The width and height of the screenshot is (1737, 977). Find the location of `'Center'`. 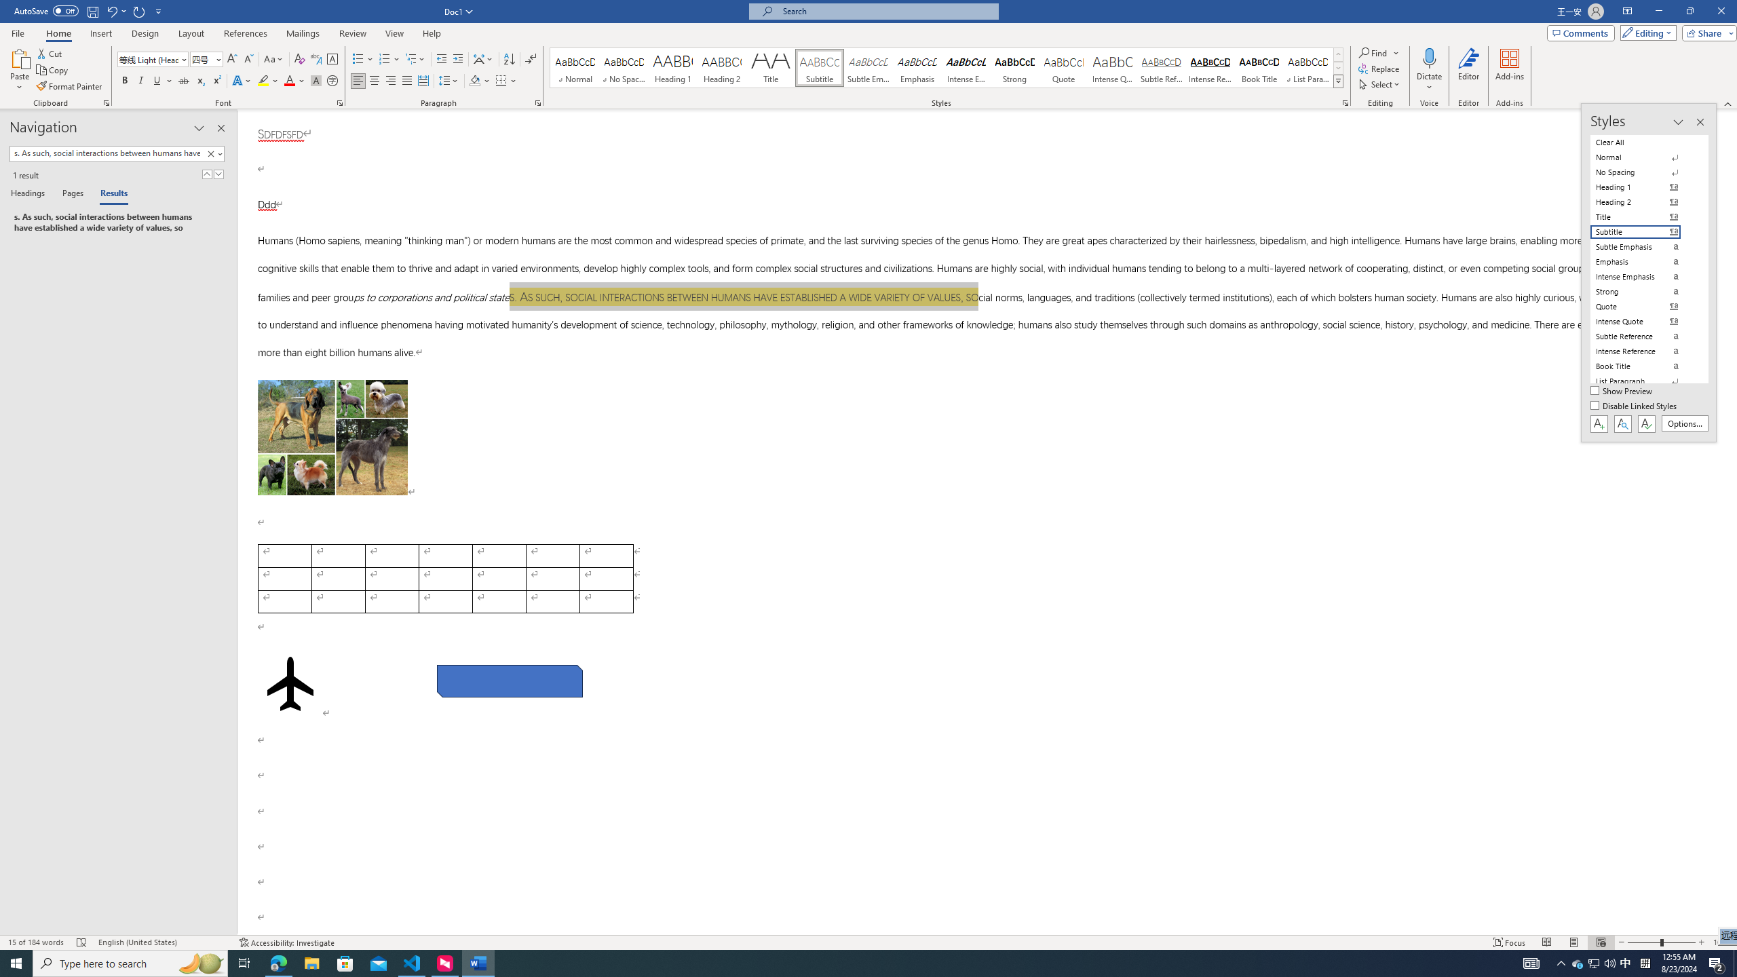

'Center' is located at coordinates (373, 80).